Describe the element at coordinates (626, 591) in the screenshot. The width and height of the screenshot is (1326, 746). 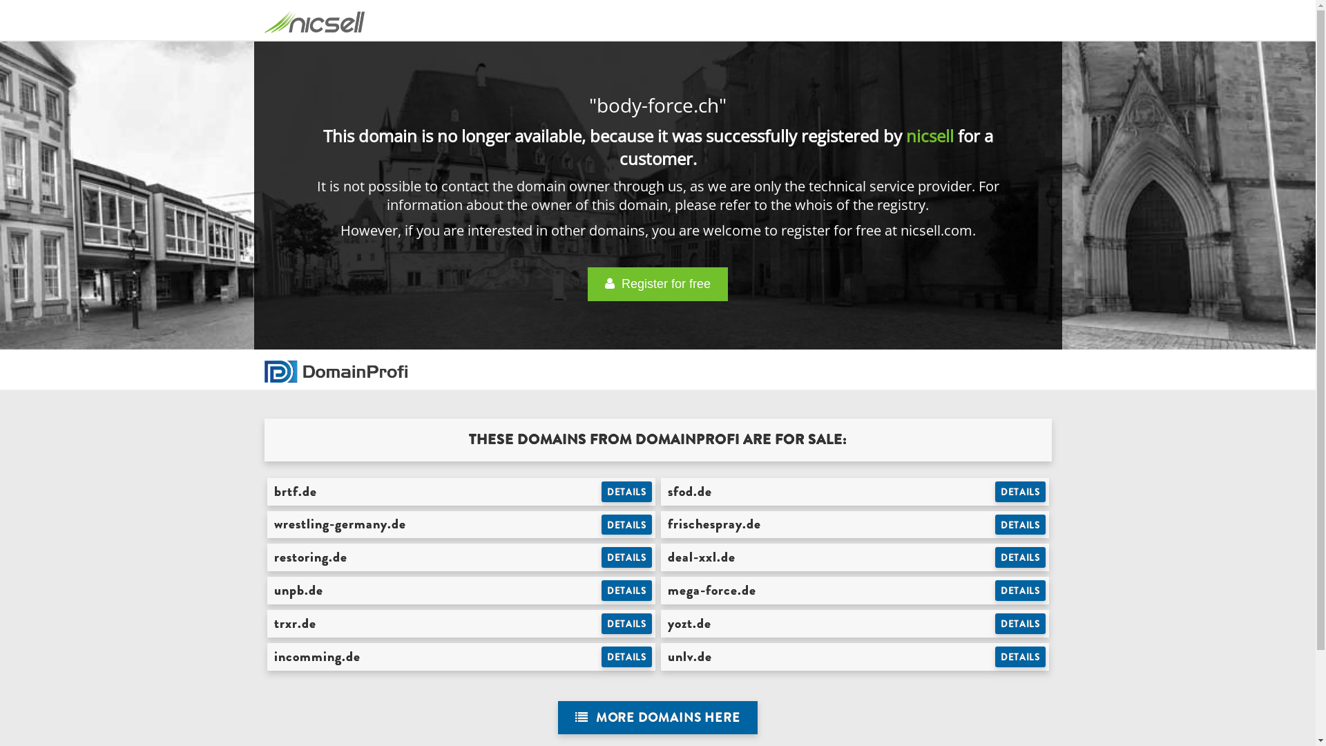
I see `'DETAILS'` at that location.